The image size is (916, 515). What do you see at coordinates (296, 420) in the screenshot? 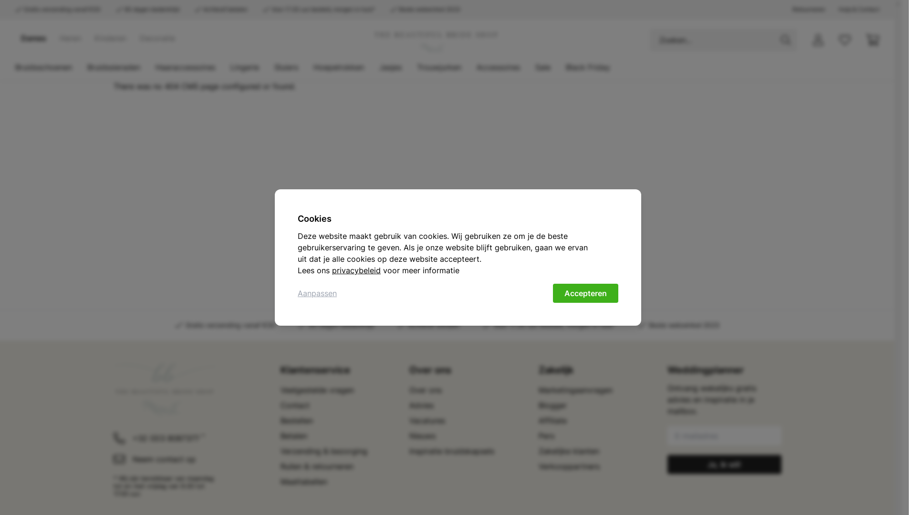
I see `'Bestellen'` at bounding box center [296, 420].